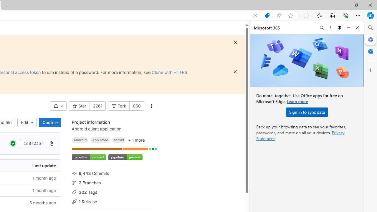 The height and width of the screenshot is (212, 377). Describe the element at coordinates (58, 106) in the screenshot. I see `'AutomationID: __BVID__332__BV_toggle_'` at that location.